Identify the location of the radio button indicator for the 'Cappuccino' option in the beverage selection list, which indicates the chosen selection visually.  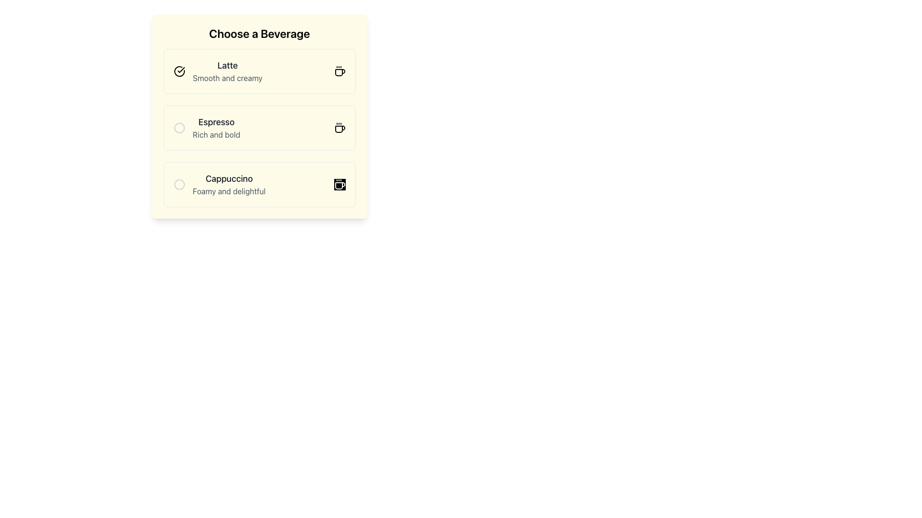
(179, 185).